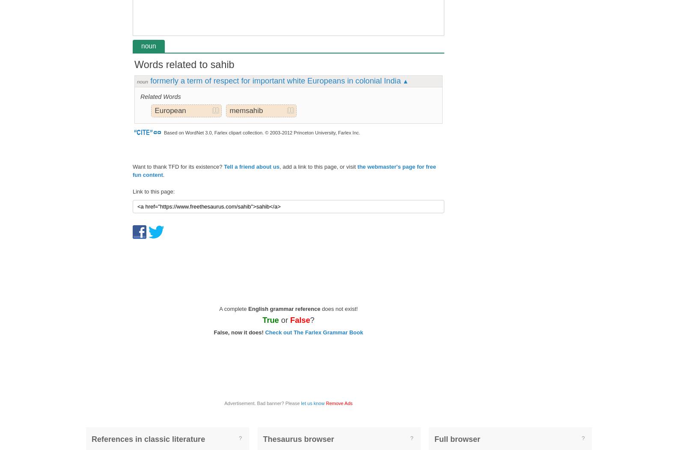  Describe the element at coordinates (229, 110) in the screenshot. I see `'memsahib'` at that location.